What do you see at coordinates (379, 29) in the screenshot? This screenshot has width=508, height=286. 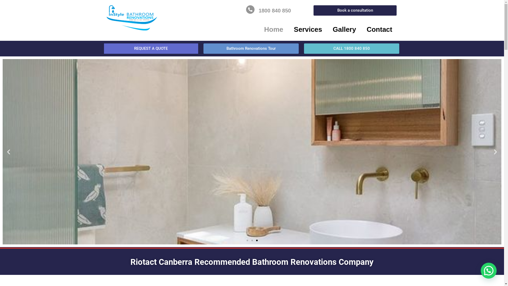 I see `'Contact'` at bounding box center [379, 29].